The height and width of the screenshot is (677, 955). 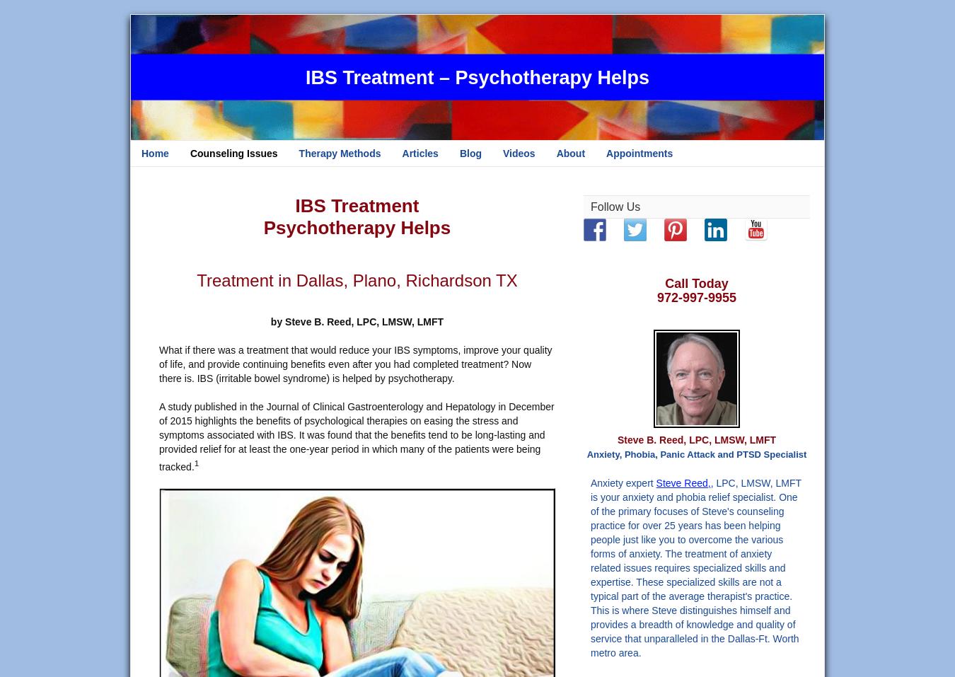 I want to click on 'Psychotherapy Helps', so click(x=356, y=228).